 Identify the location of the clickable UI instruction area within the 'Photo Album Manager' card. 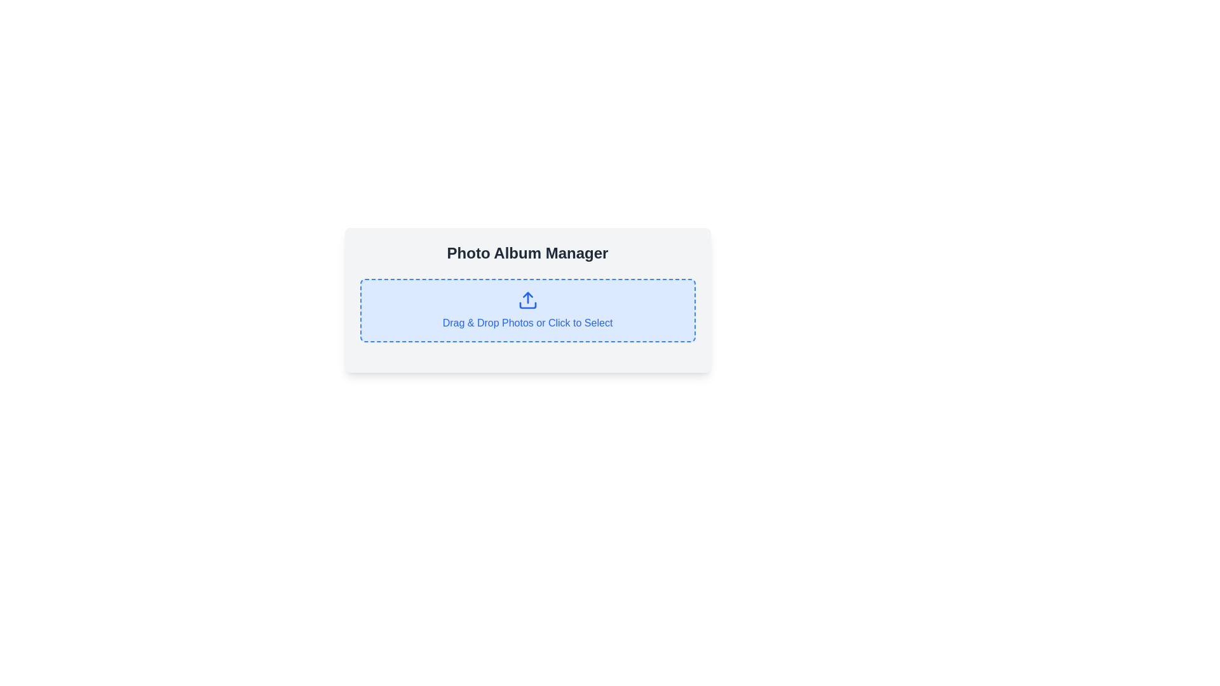
(527, 311).